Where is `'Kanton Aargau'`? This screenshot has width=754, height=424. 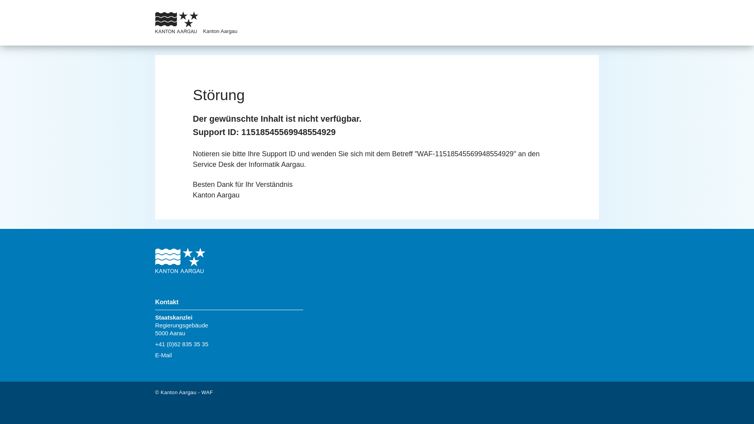
'Kanton Aargau' is located at coordinates (220, 31).